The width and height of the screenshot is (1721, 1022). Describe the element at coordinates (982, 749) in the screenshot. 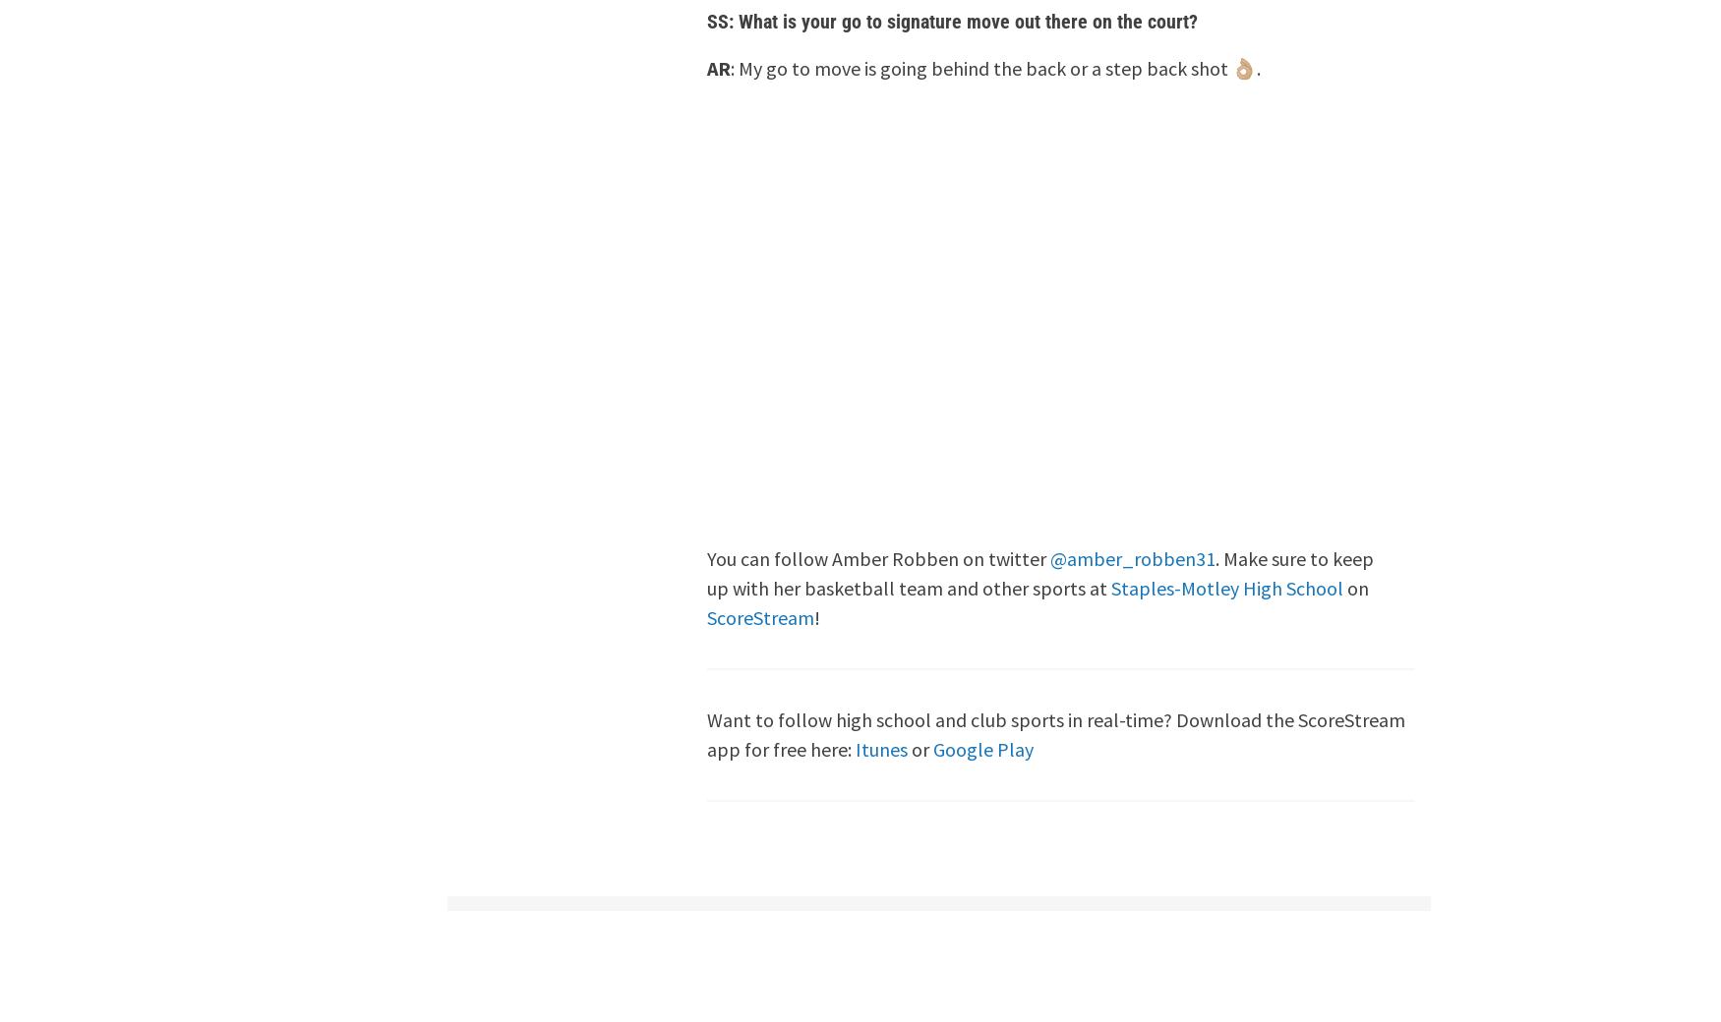

I see `'Google Play'` at that location.